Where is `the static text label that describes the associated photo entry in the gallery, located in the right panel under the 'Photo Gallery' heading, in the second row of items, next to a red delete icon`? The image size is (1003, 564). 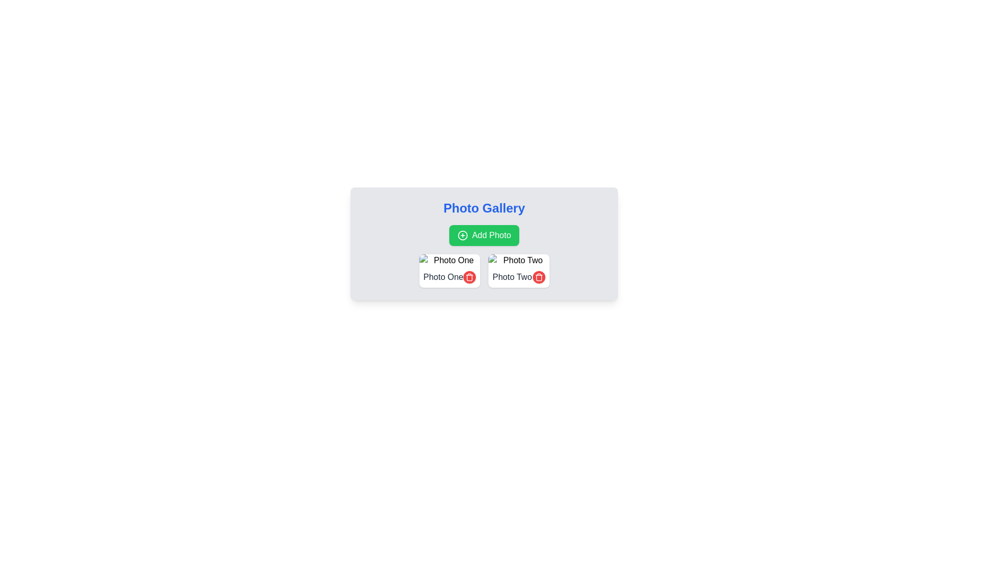 the static text label that describes the associated photo entry in the gallery, located in the right panel under the 'Photo Gallery' heading, in the second row of items, next to a red delete icon is located at coordinates (512, 277).